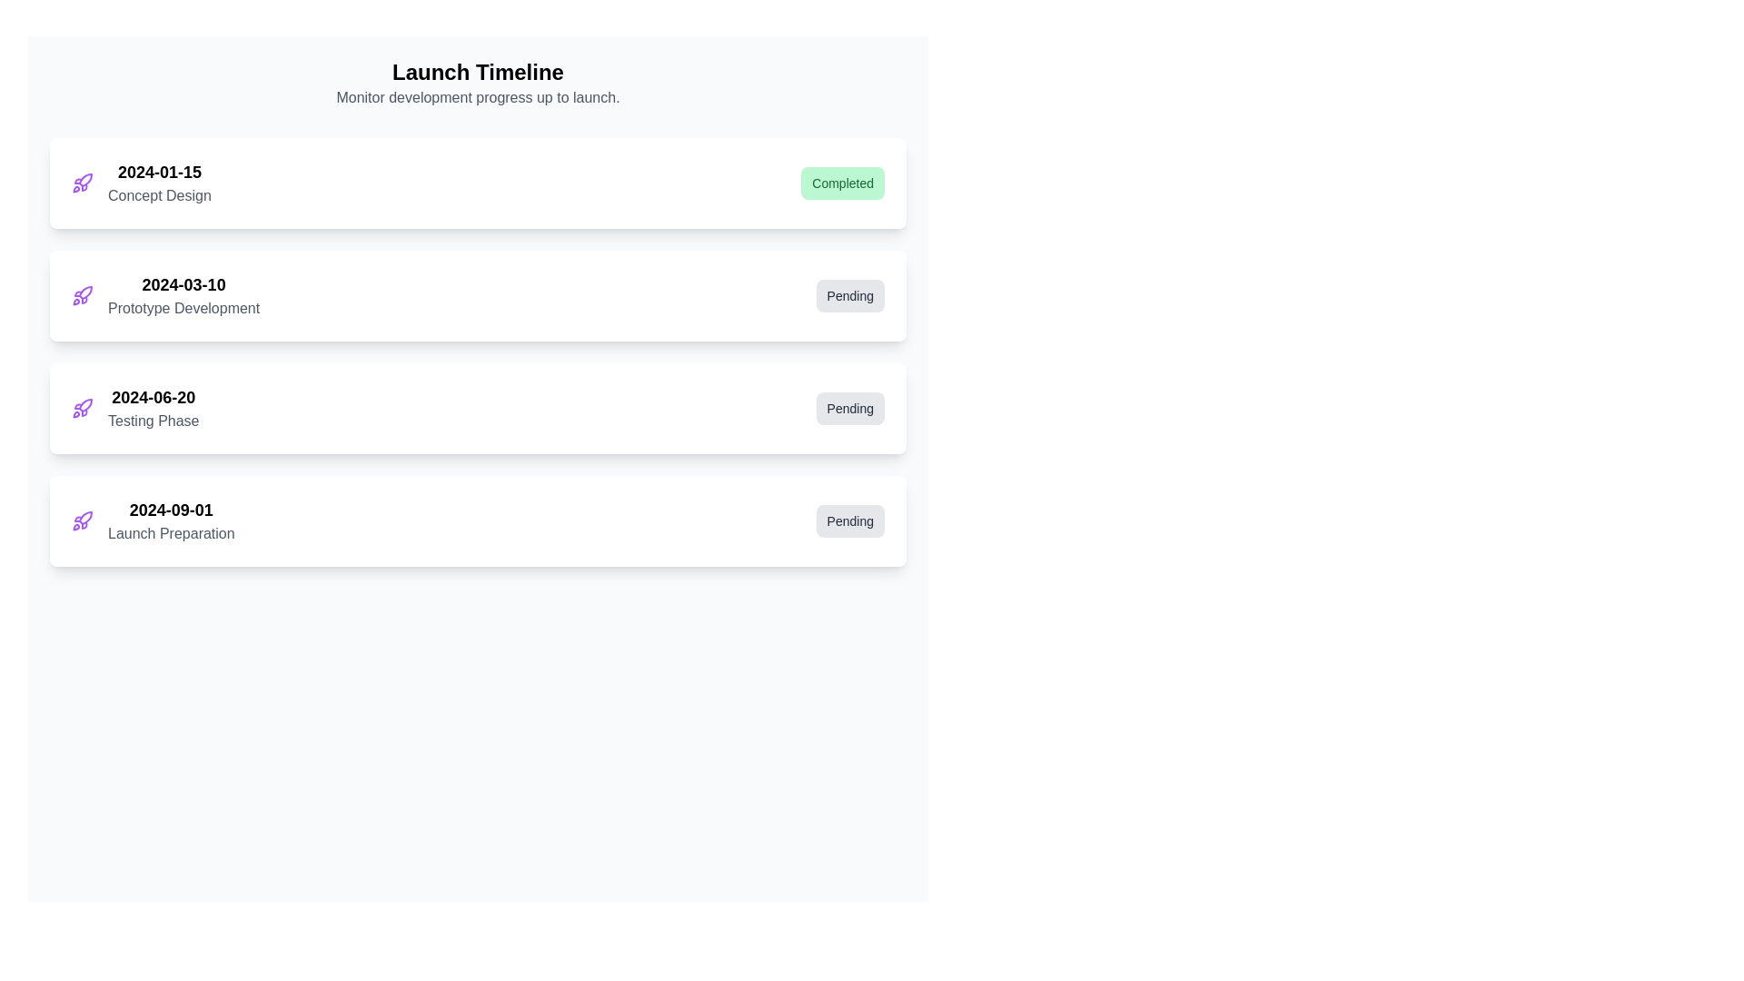  What do you see at coordinates (183, 284) in the screenshot?
I see `displayed date from the Text Label located at the top-left corner of the 'Prototype Development' card in the timeline` at bounding box center [183, 284].